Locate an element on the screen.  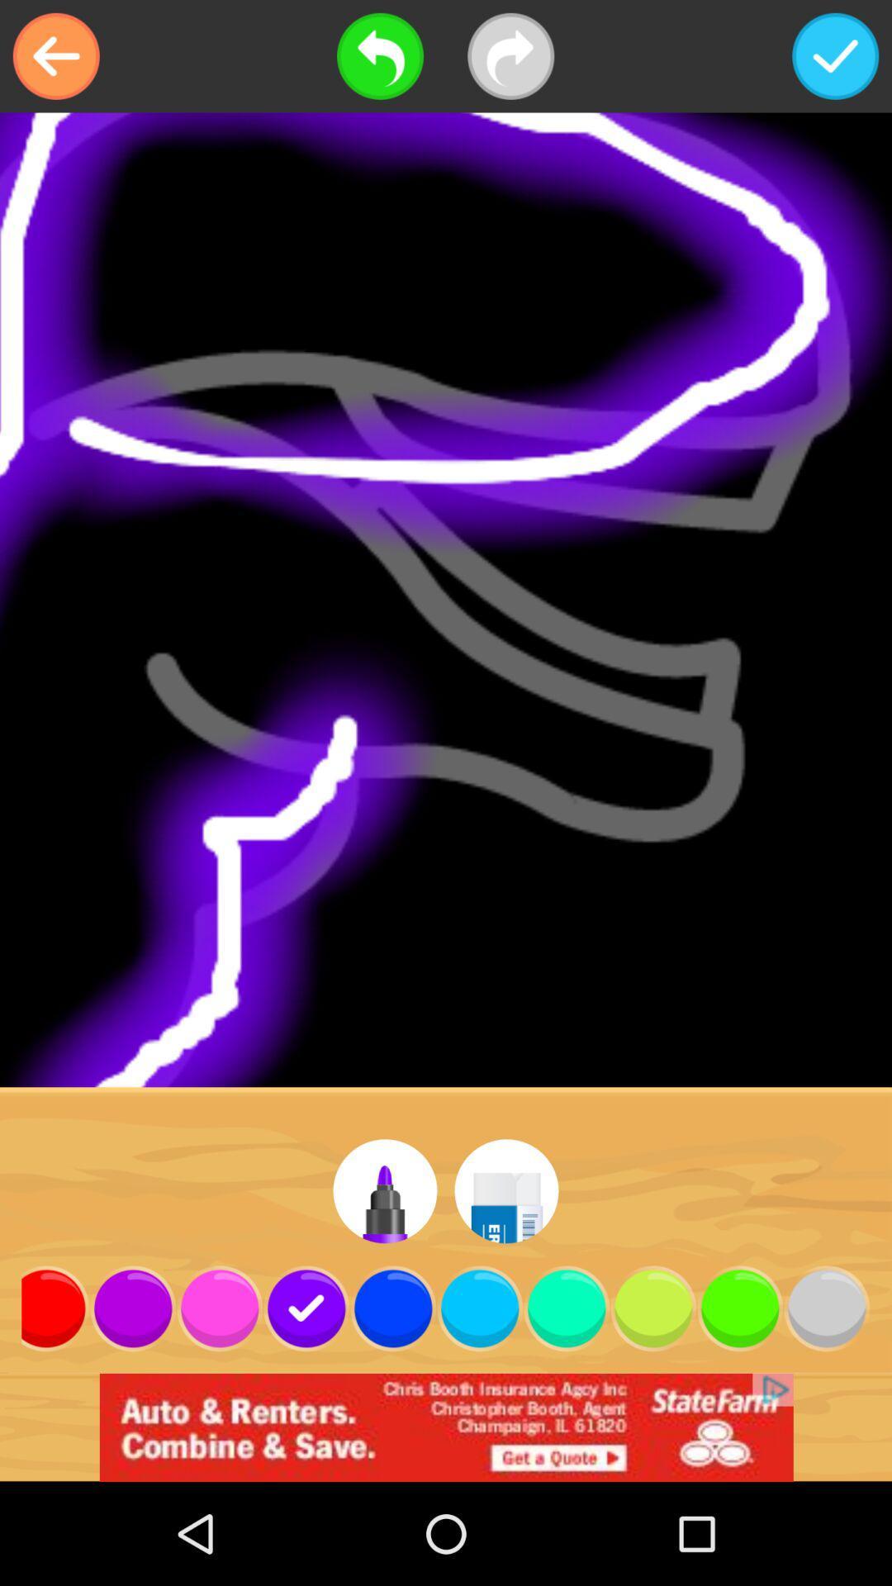
advertisement content is located at coordinates (446, 1427).